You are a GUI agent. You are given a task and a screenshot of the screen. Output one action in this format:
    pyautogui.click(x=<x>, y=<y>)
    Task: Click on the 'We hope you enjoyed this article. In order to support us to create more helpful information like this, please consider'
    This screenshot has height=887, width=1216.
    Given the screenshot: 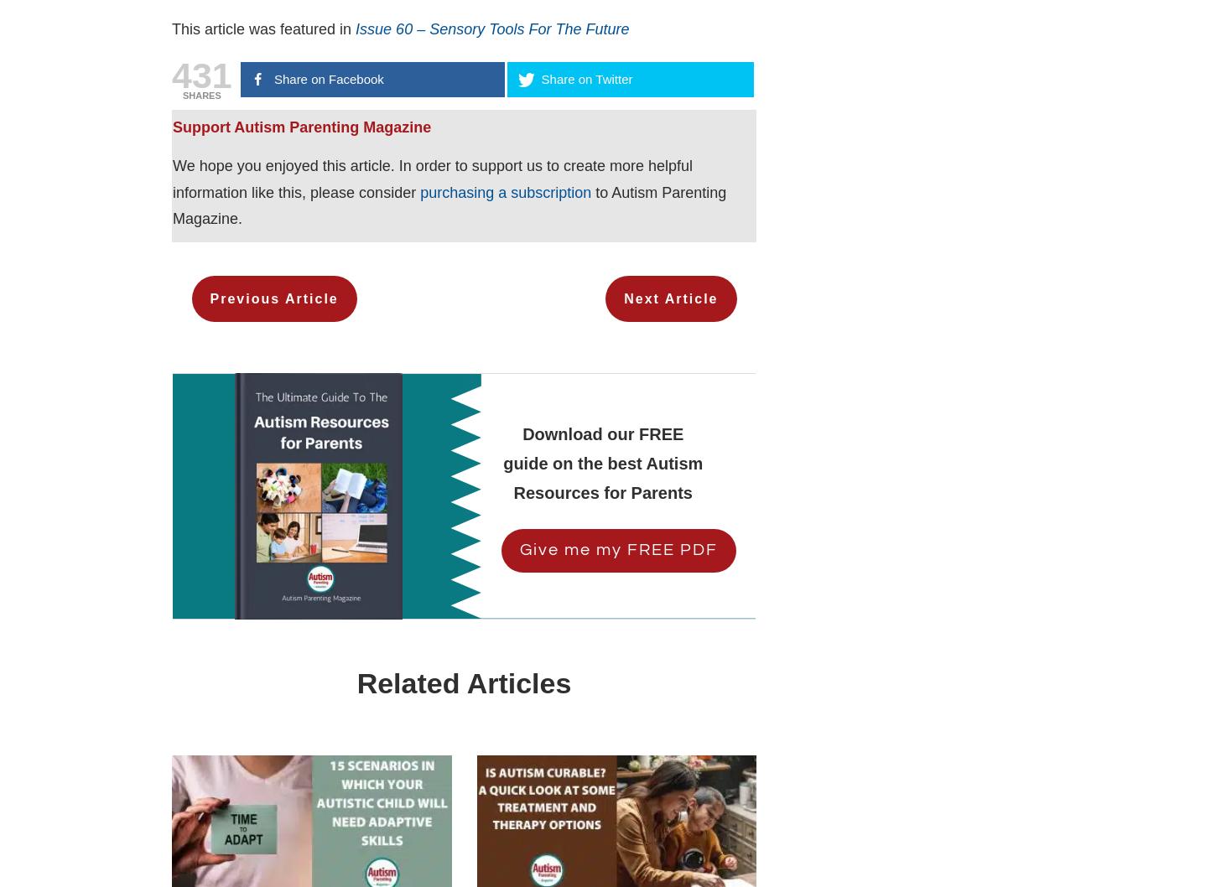 What is the action you would take?
    pyautogui.click(x=172, y=179)
    